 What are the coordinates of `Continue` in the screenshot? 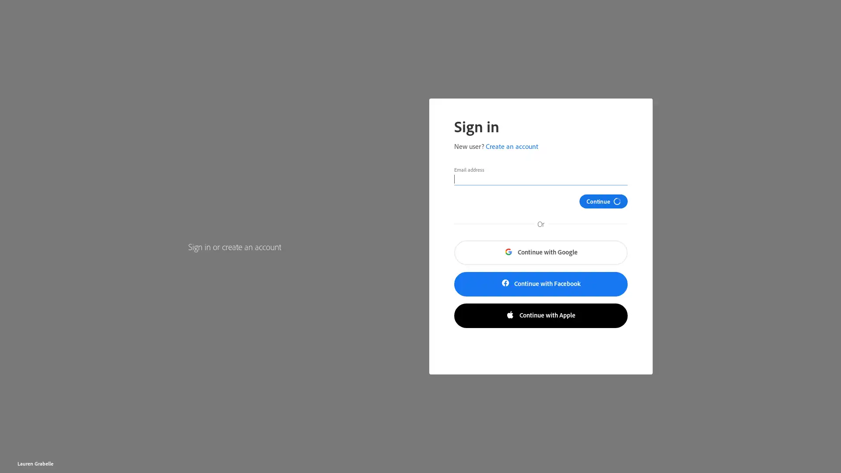 It's located at (608, 201).